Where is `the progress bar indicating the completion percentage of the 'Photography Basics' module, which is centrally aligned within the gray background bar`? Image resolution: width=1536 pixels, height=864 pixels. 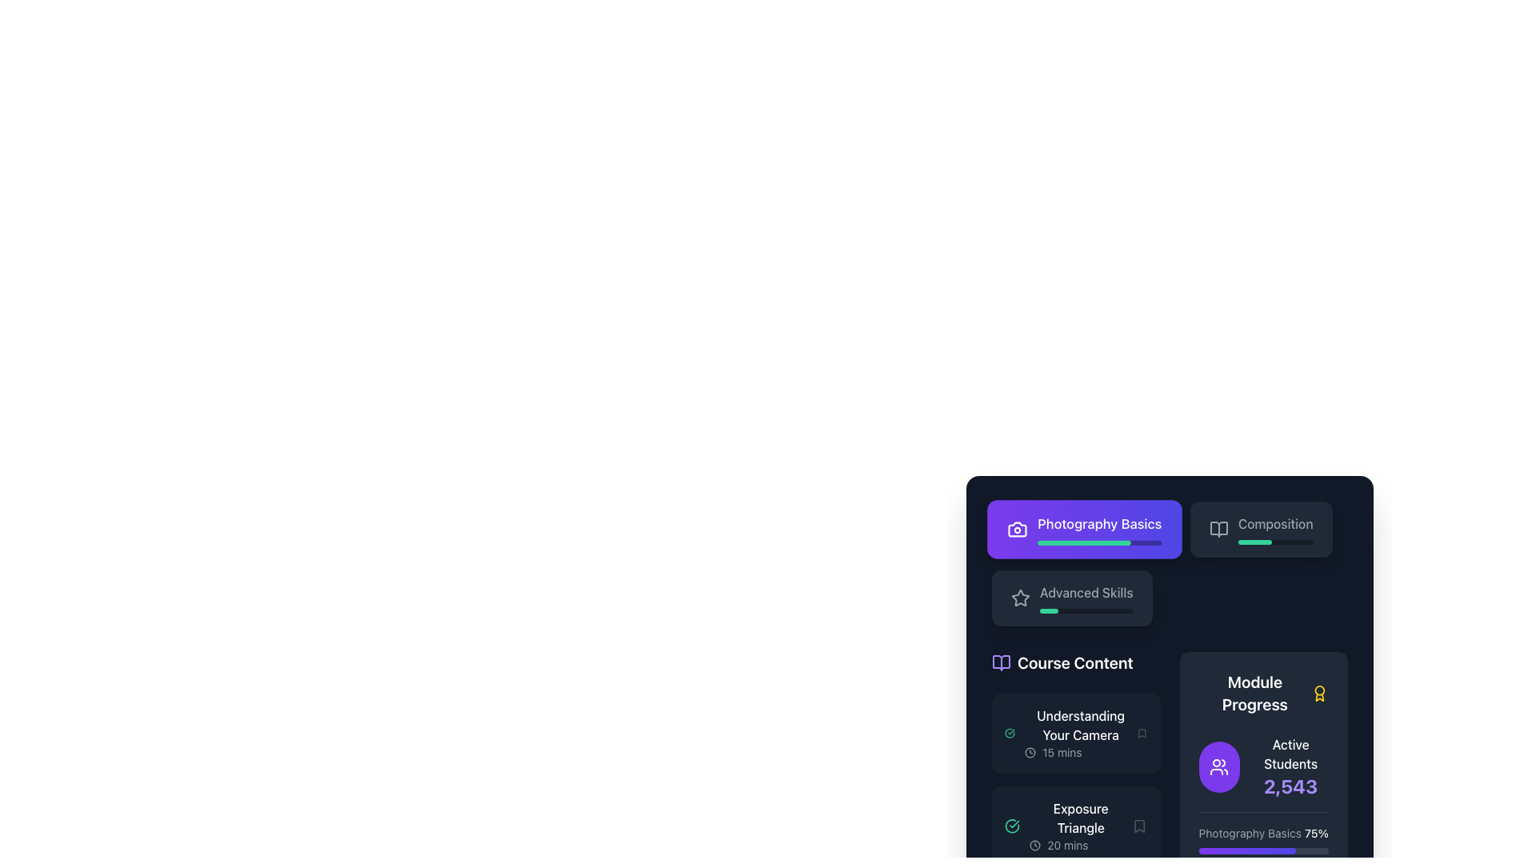
the progress bar indicating the completion percentage of the 'Photography Basics' module, which is centrally aligned within the gray background bar is located at coordinates (1084, 542).